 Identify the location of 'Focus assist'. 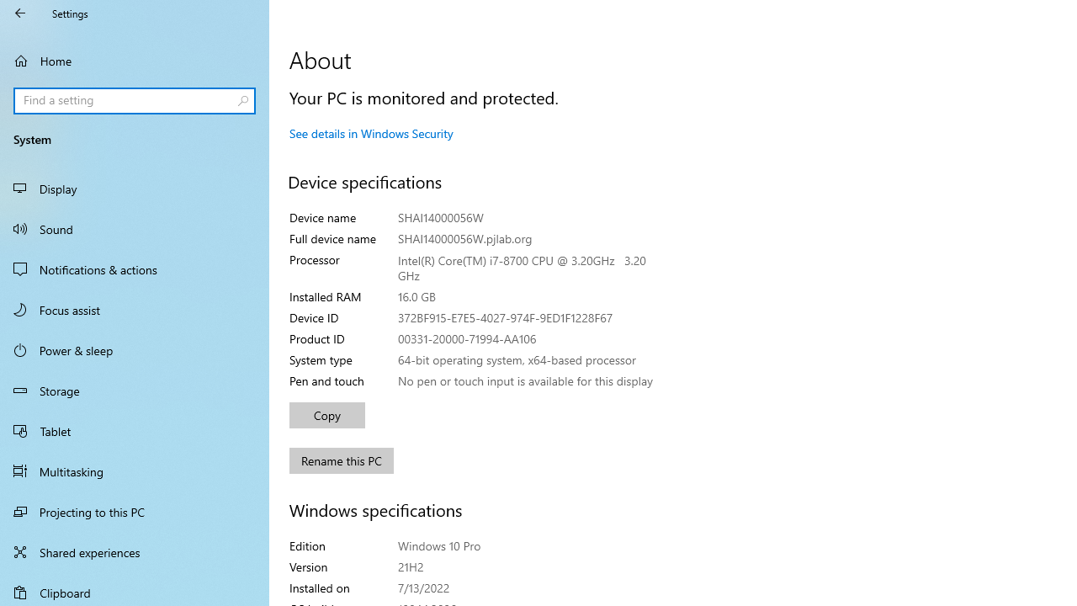
(135, 309).